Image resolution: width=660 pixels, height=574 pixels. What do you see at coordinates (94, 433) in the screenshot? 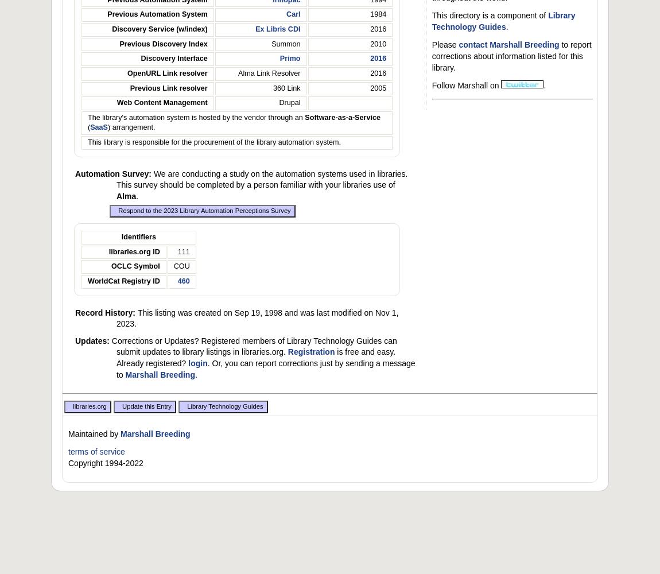
I see `'Maintained by'` at bounding box center [94, 433].